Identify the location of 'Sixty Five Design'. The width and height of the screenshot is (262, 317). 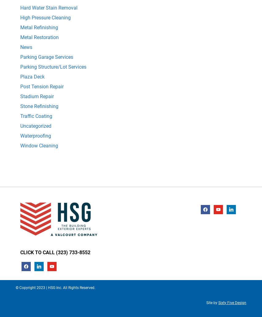
(218, 302).